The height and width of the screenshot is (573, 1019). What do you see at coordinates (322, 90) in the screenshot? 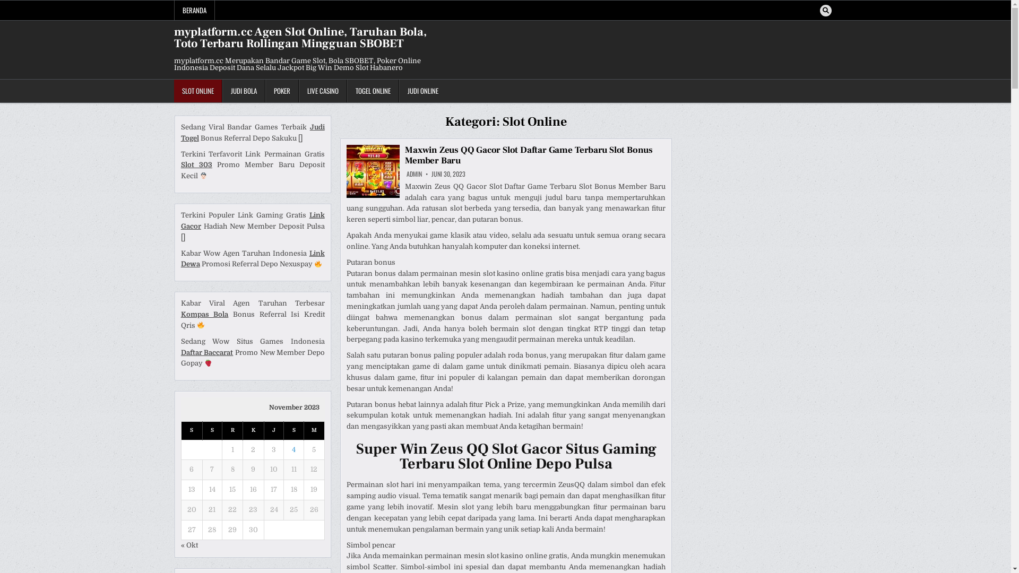
I see `'LIVE CASINO'` at bounding box center [322, 90].